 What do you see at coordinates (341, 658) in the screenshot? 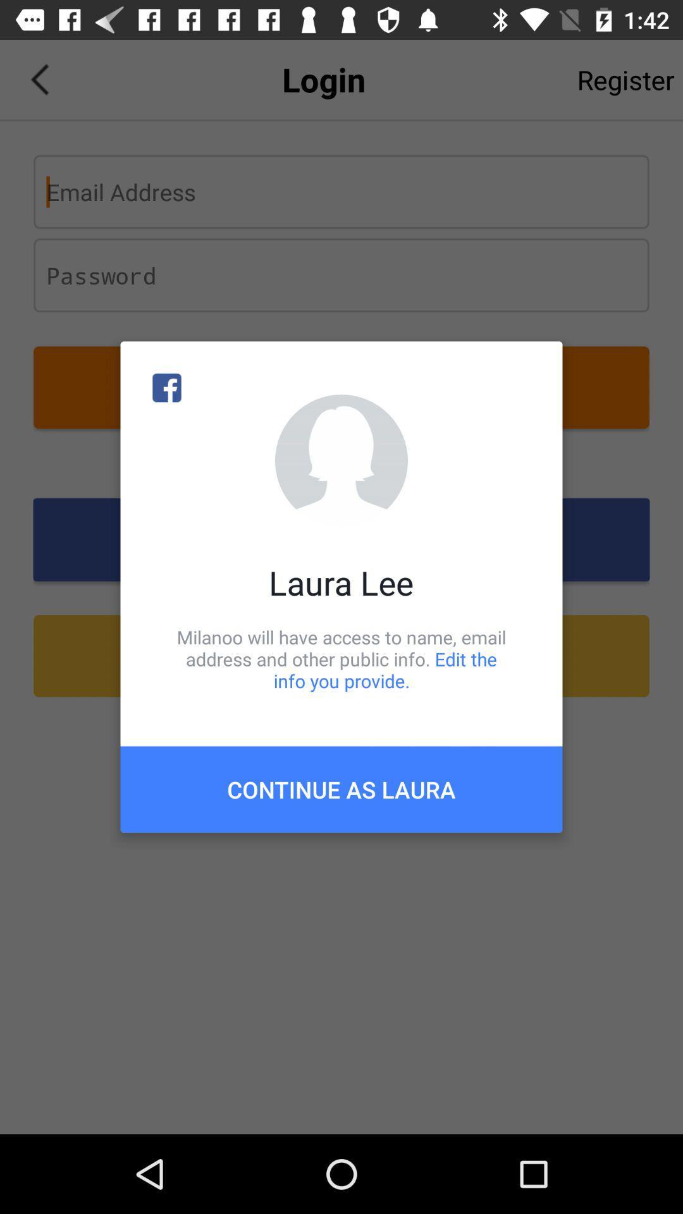
I see `icon below laura lee` at bounding box center [341, 658].